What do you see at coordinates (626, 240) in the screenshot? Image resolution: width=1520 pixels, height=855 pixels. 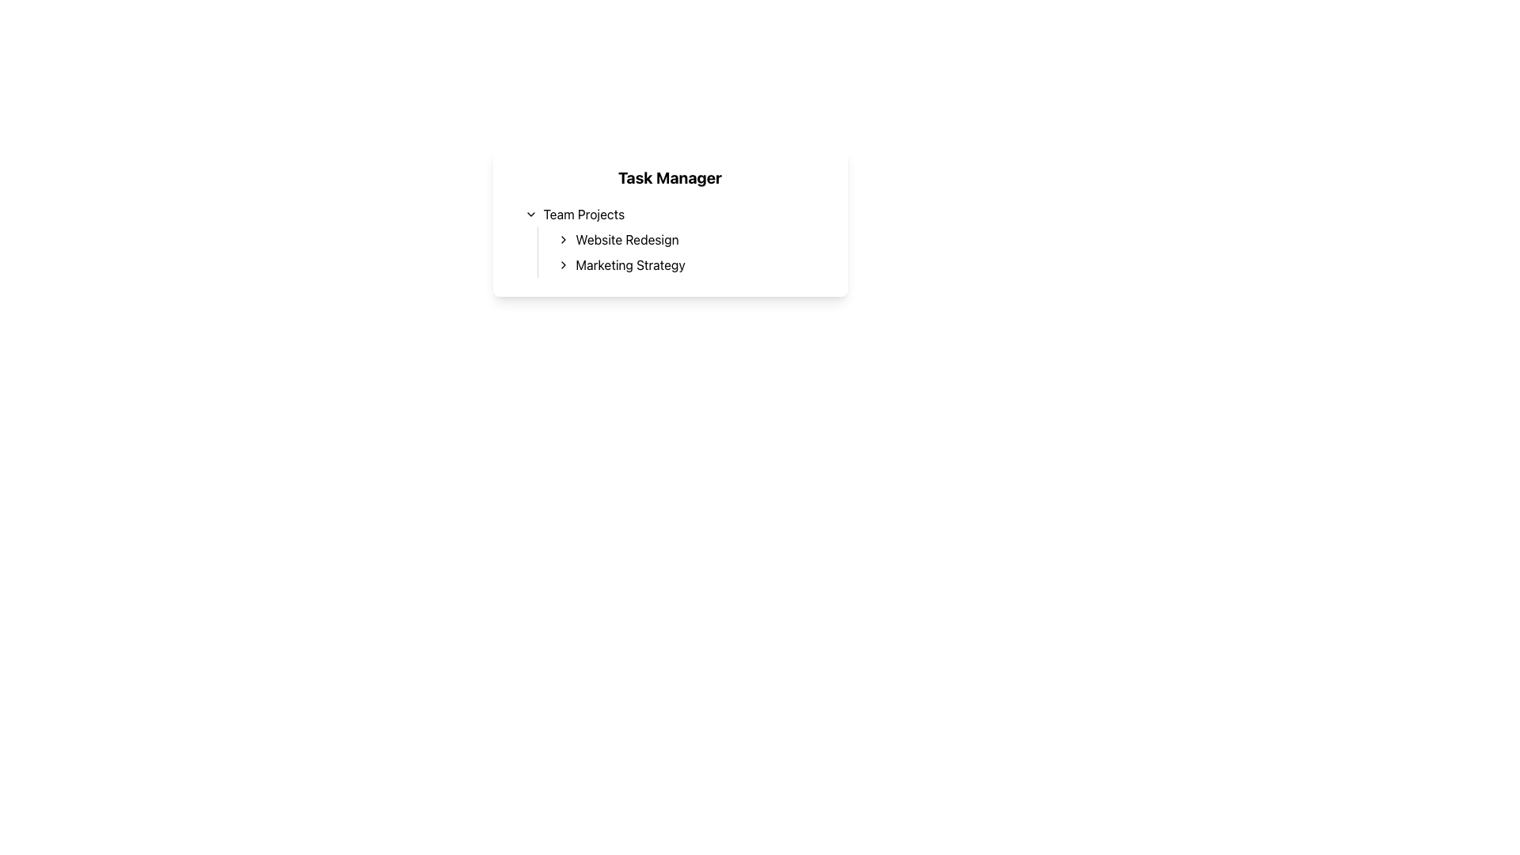 I see `the selectable text item labeled 'Website Redesign' in the task list` at bounding box center [626, 240].